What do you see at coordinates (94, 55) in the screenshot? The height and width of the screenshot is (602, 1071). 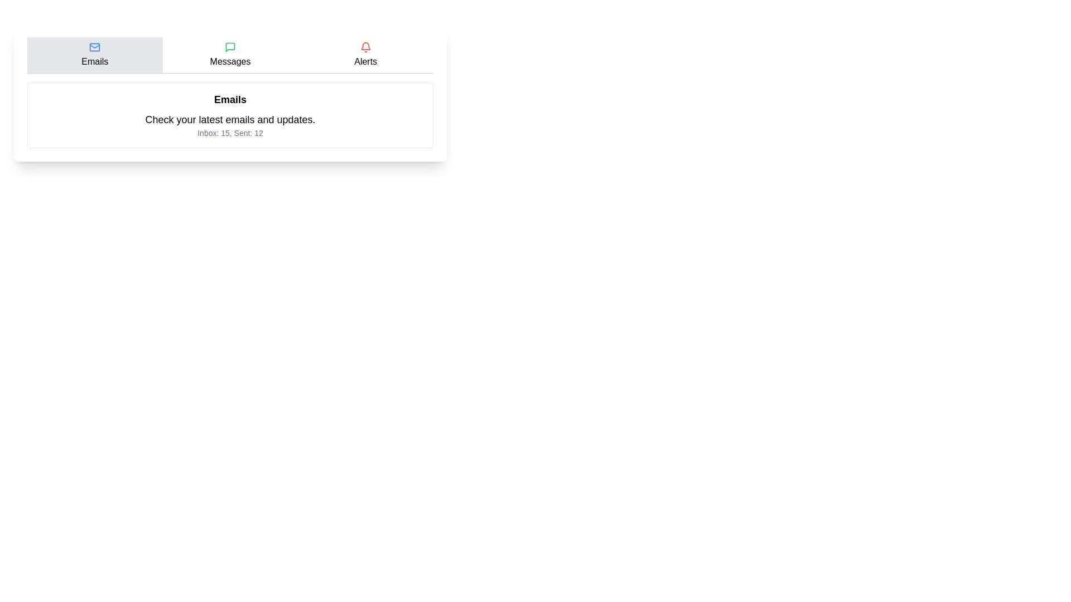 I see `the Emails tab` at bounding box center [94, 55].